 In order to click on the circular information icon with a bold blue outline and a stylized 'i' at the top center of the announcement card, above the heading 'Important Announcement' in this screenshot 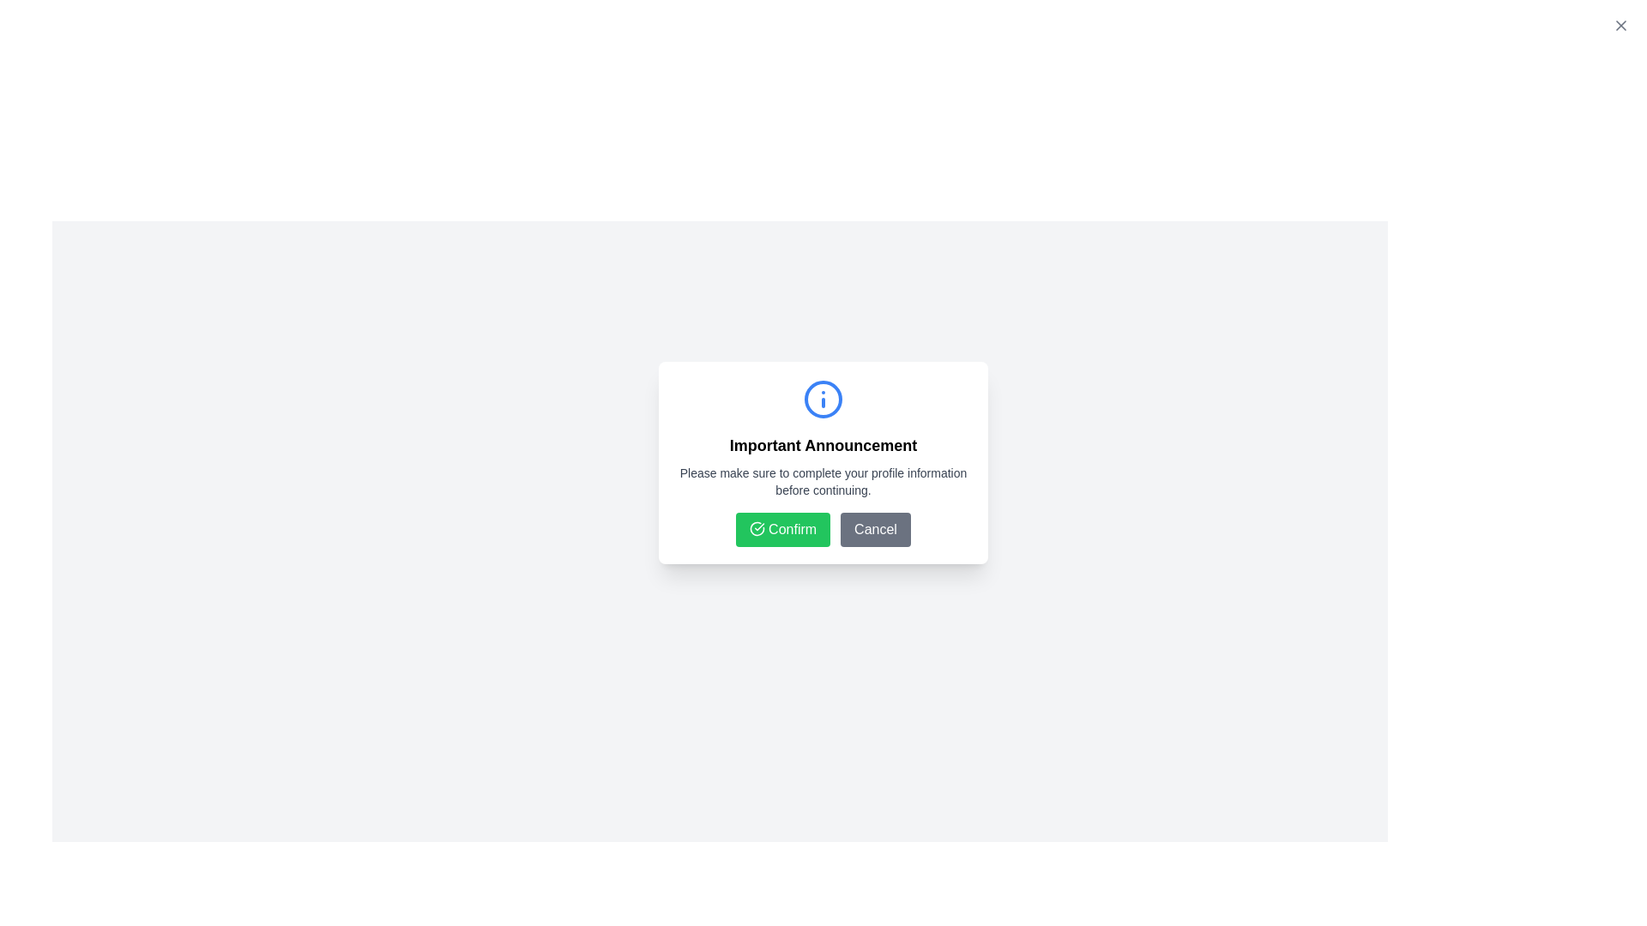, I will do `click(823, 400)`.